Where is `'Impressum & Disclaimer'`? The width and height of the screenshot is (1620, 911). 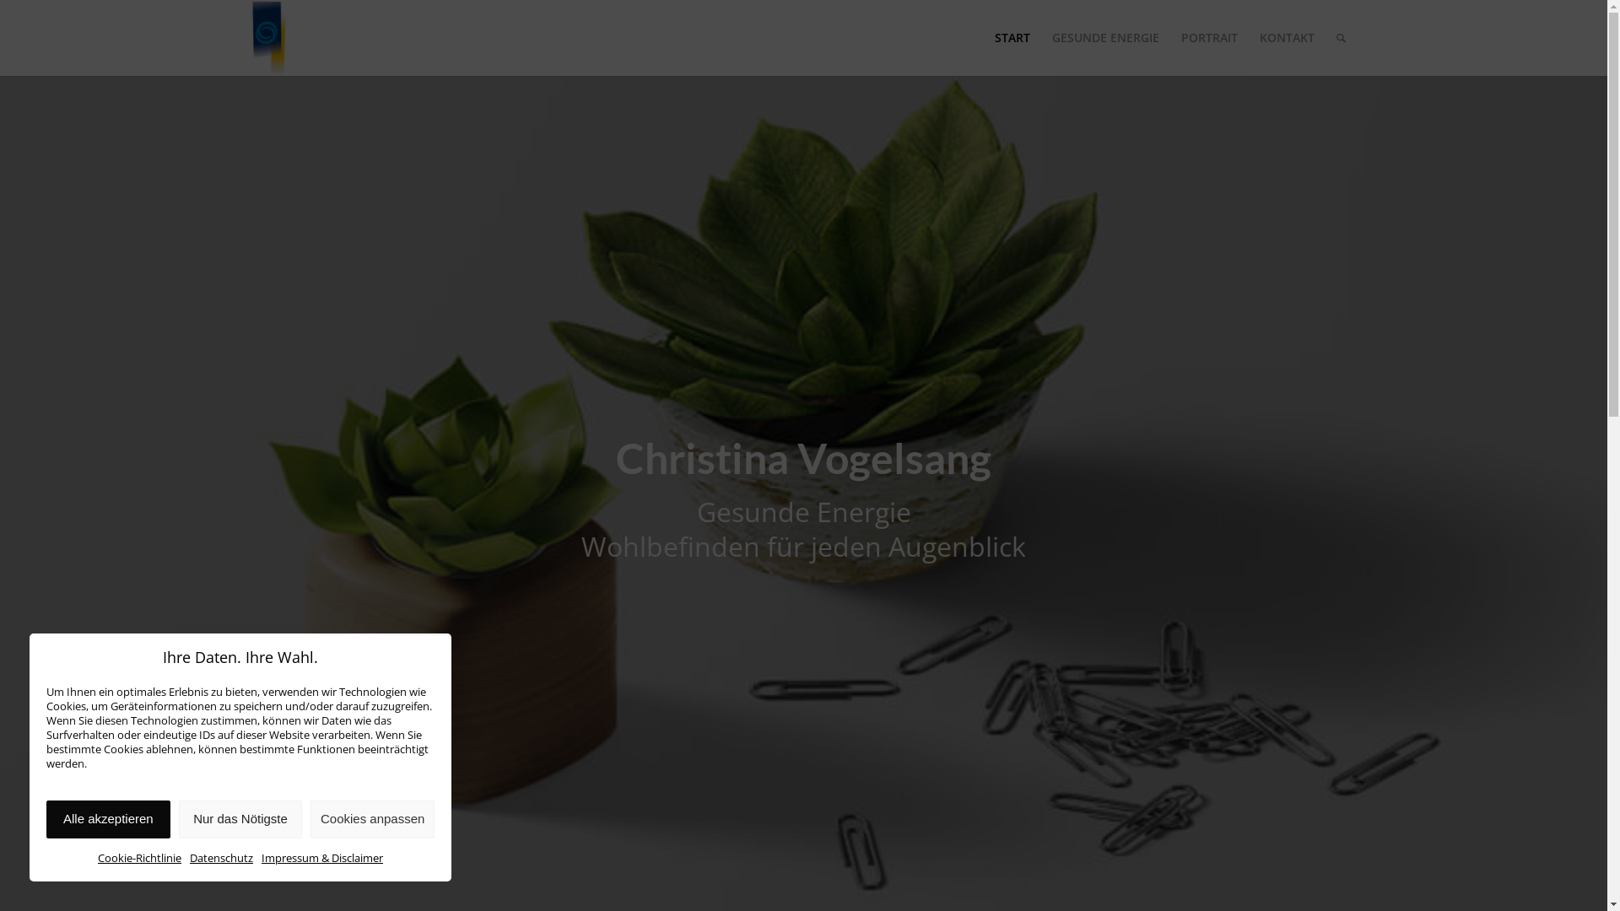
'Impressum & Disclaimer' is located at coordinates (261, 858).